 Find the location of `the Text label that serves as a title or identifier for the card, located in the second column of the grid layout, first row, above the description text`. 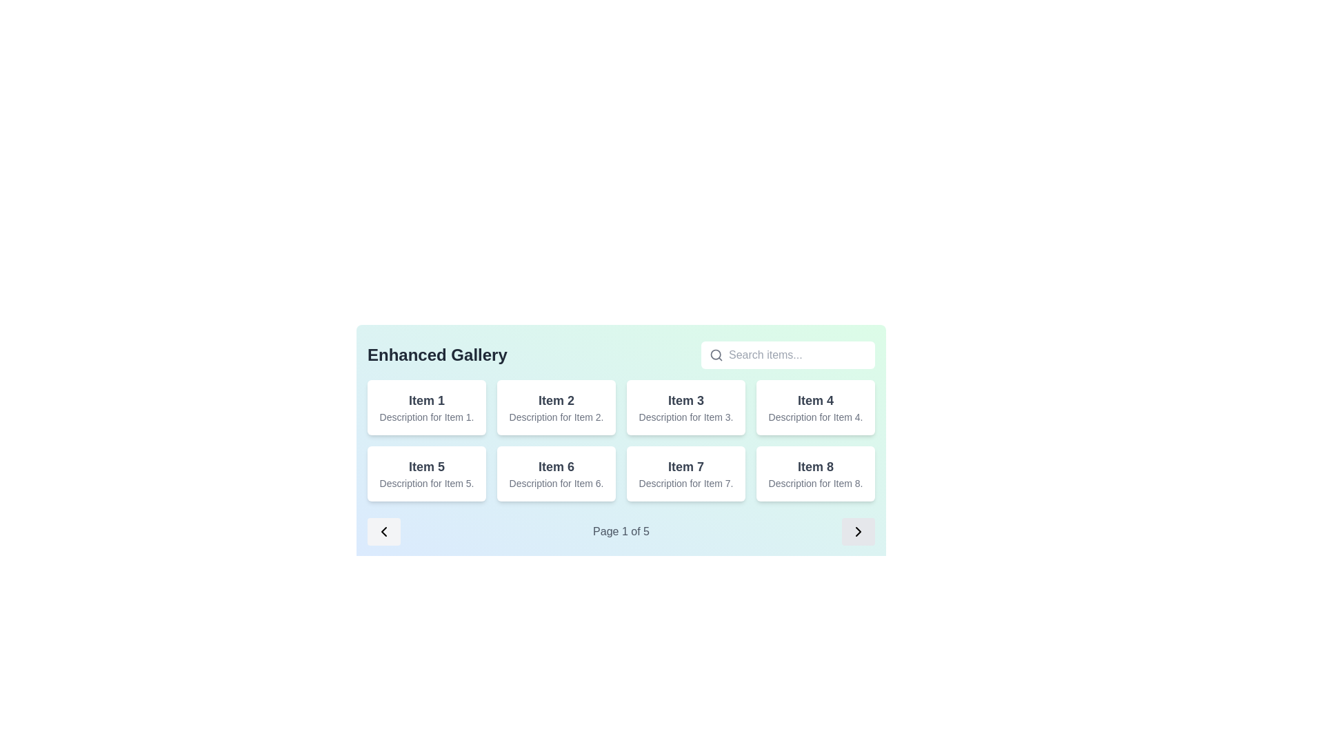

the Text label that serves as a title or identifier for the card, located in the second column of the grid layout, first row, above the description text is located at coordinates (556, 401).